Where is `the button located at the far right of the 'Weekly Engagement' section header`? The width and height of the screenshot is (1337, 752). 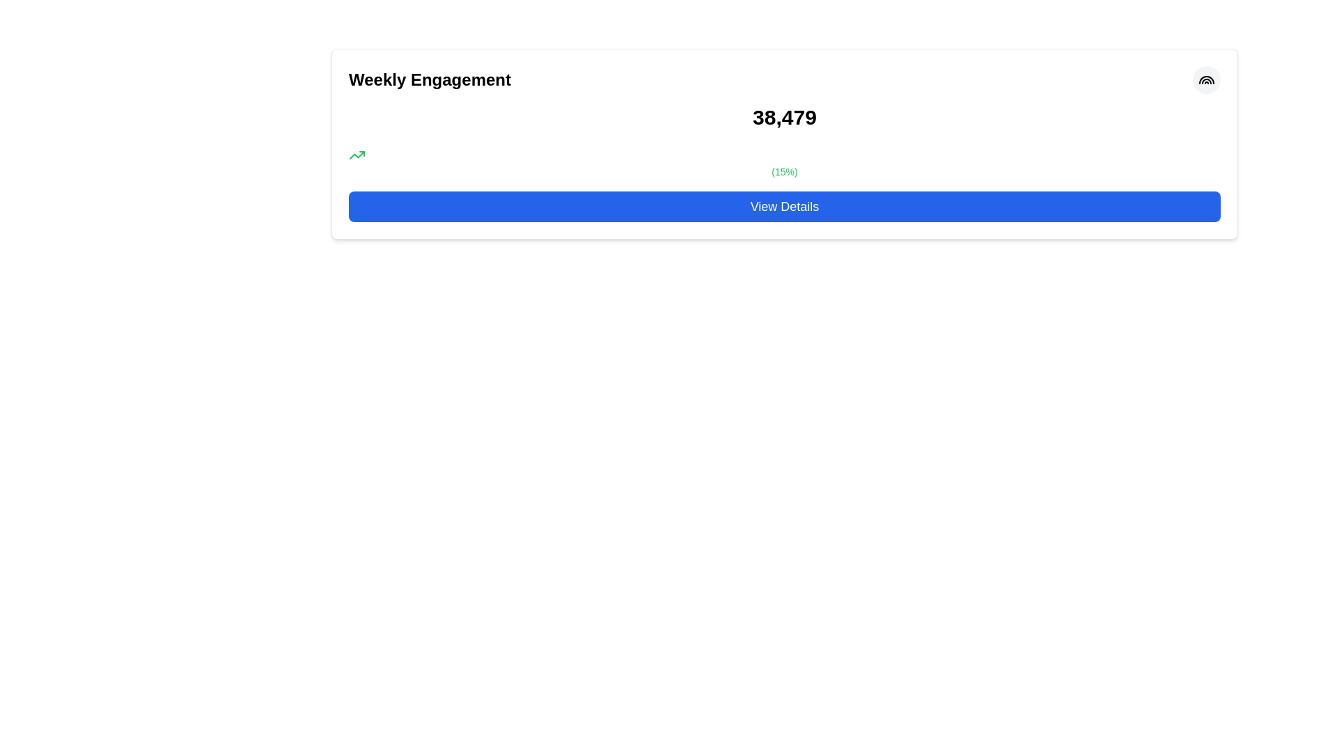 the button located at the far right of the 'Weekly Engagement' section header is located at coordinates (1205, 80).